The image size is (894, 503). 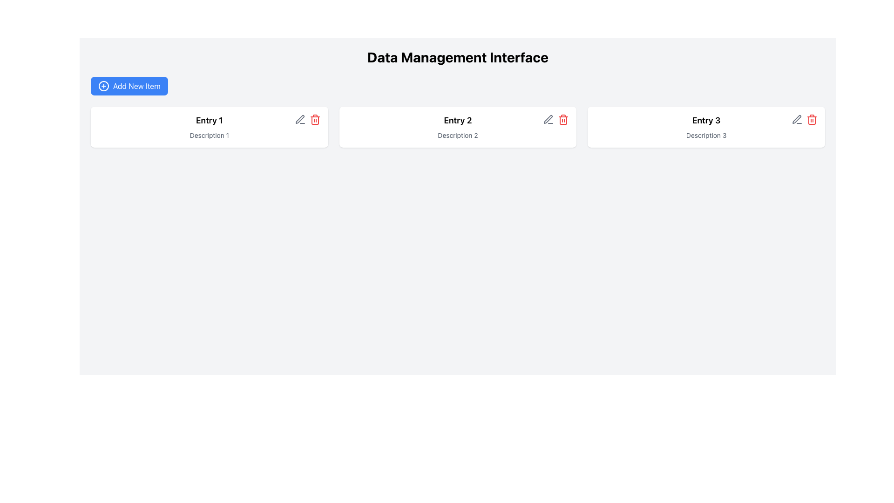 I want to click on the text label displaying 'Description 1', which is styled in gray and positioned beneath the bold title 'Entry 1' in the first card of a horizontally aligned list, so click(x=209, y=135).